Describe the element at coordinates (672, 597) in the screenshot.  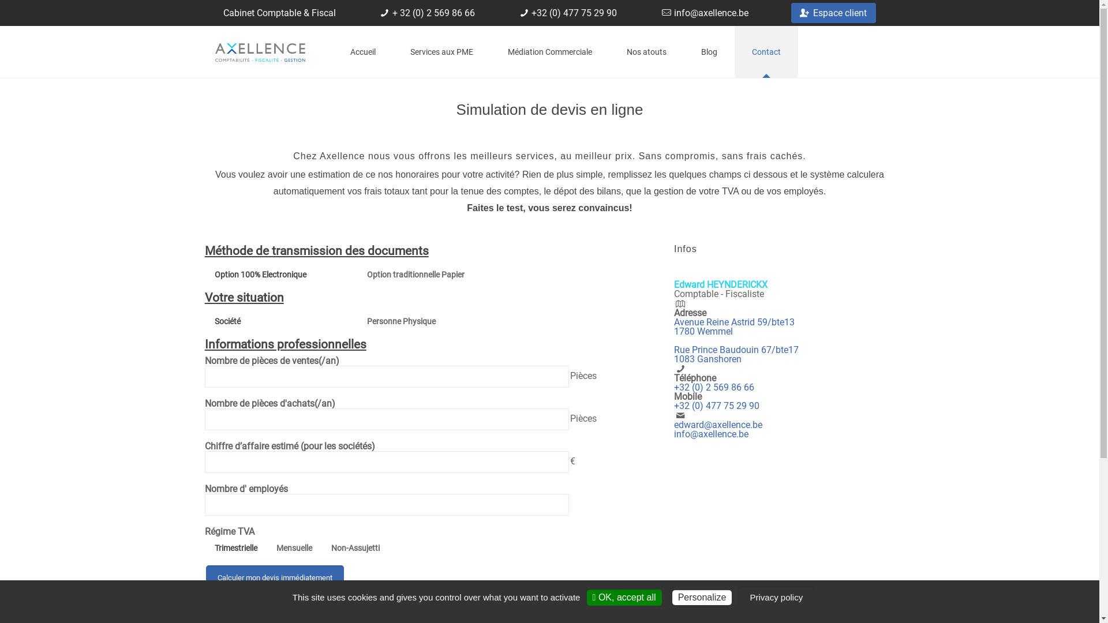
I see `'Personalize'` at that location.